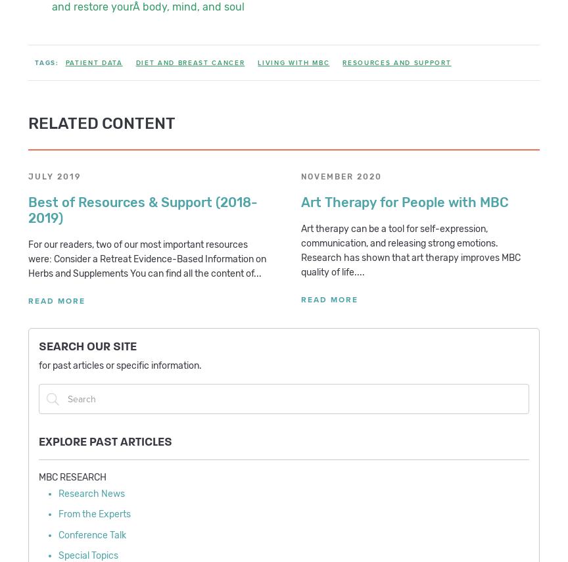  I want to click on 'Special Topics', so click(87, 555).